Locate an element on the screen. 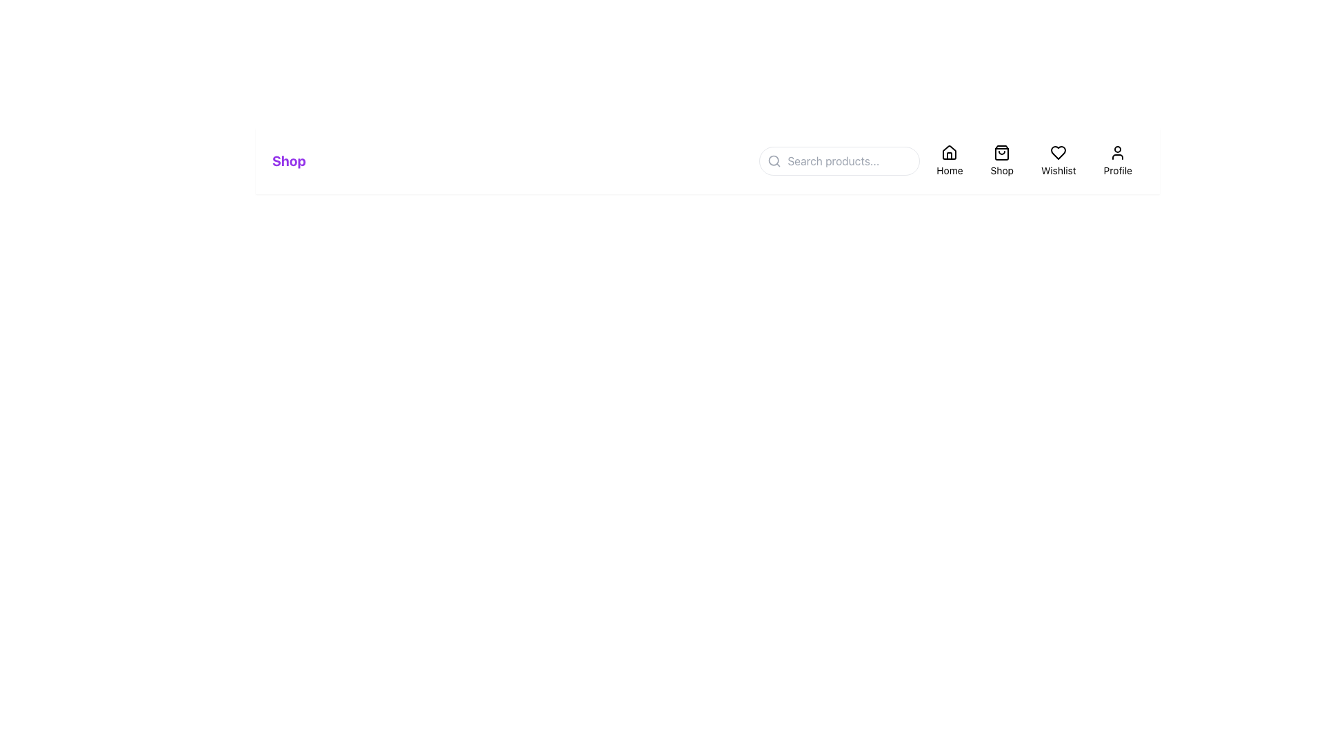 The width and height of the screenshot is (1324, 744). the heart-shaped Wishlist button in the navigation bar at the top-right section is located at coordinates (1058, 161).